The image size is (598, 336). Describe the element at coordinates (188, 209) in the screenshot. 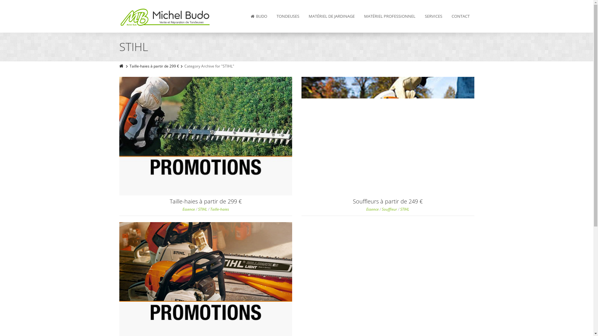

I see `'Essence'` at that location.